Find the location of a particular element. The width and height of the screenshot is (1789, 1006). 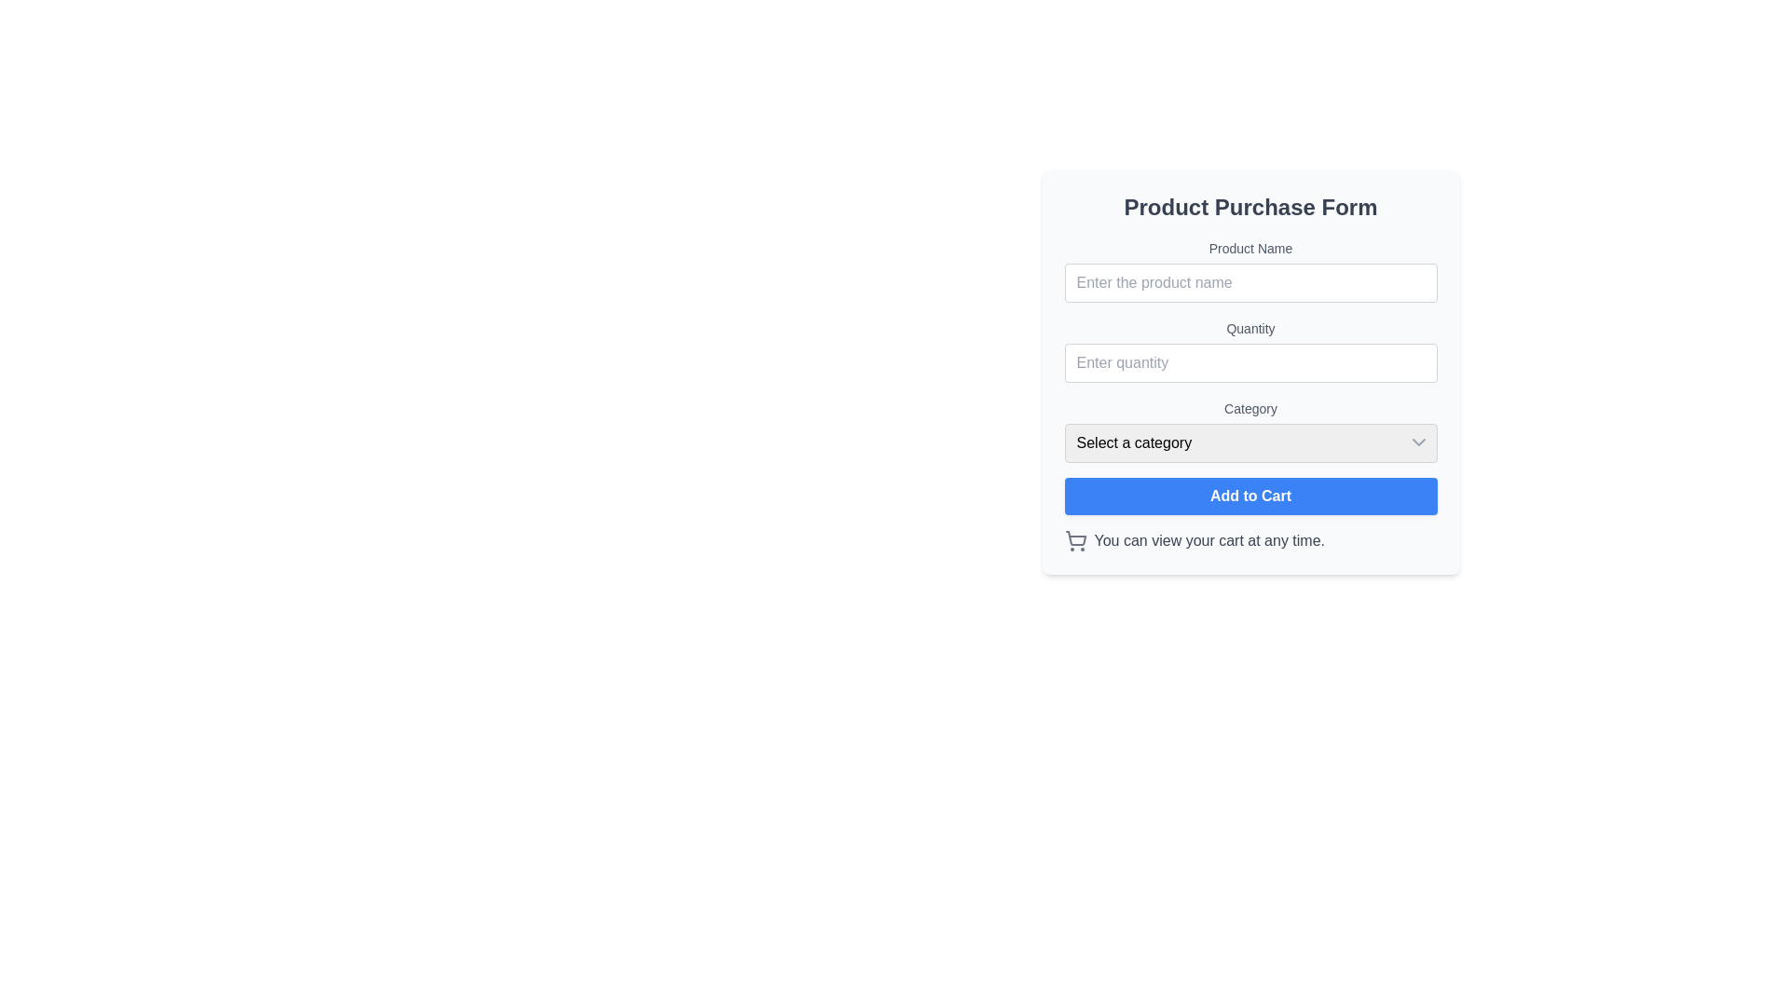

the label for the input field in the 'Product Purchase Form' that indicates where to enter the product name is located at coordinates (1250, 247).